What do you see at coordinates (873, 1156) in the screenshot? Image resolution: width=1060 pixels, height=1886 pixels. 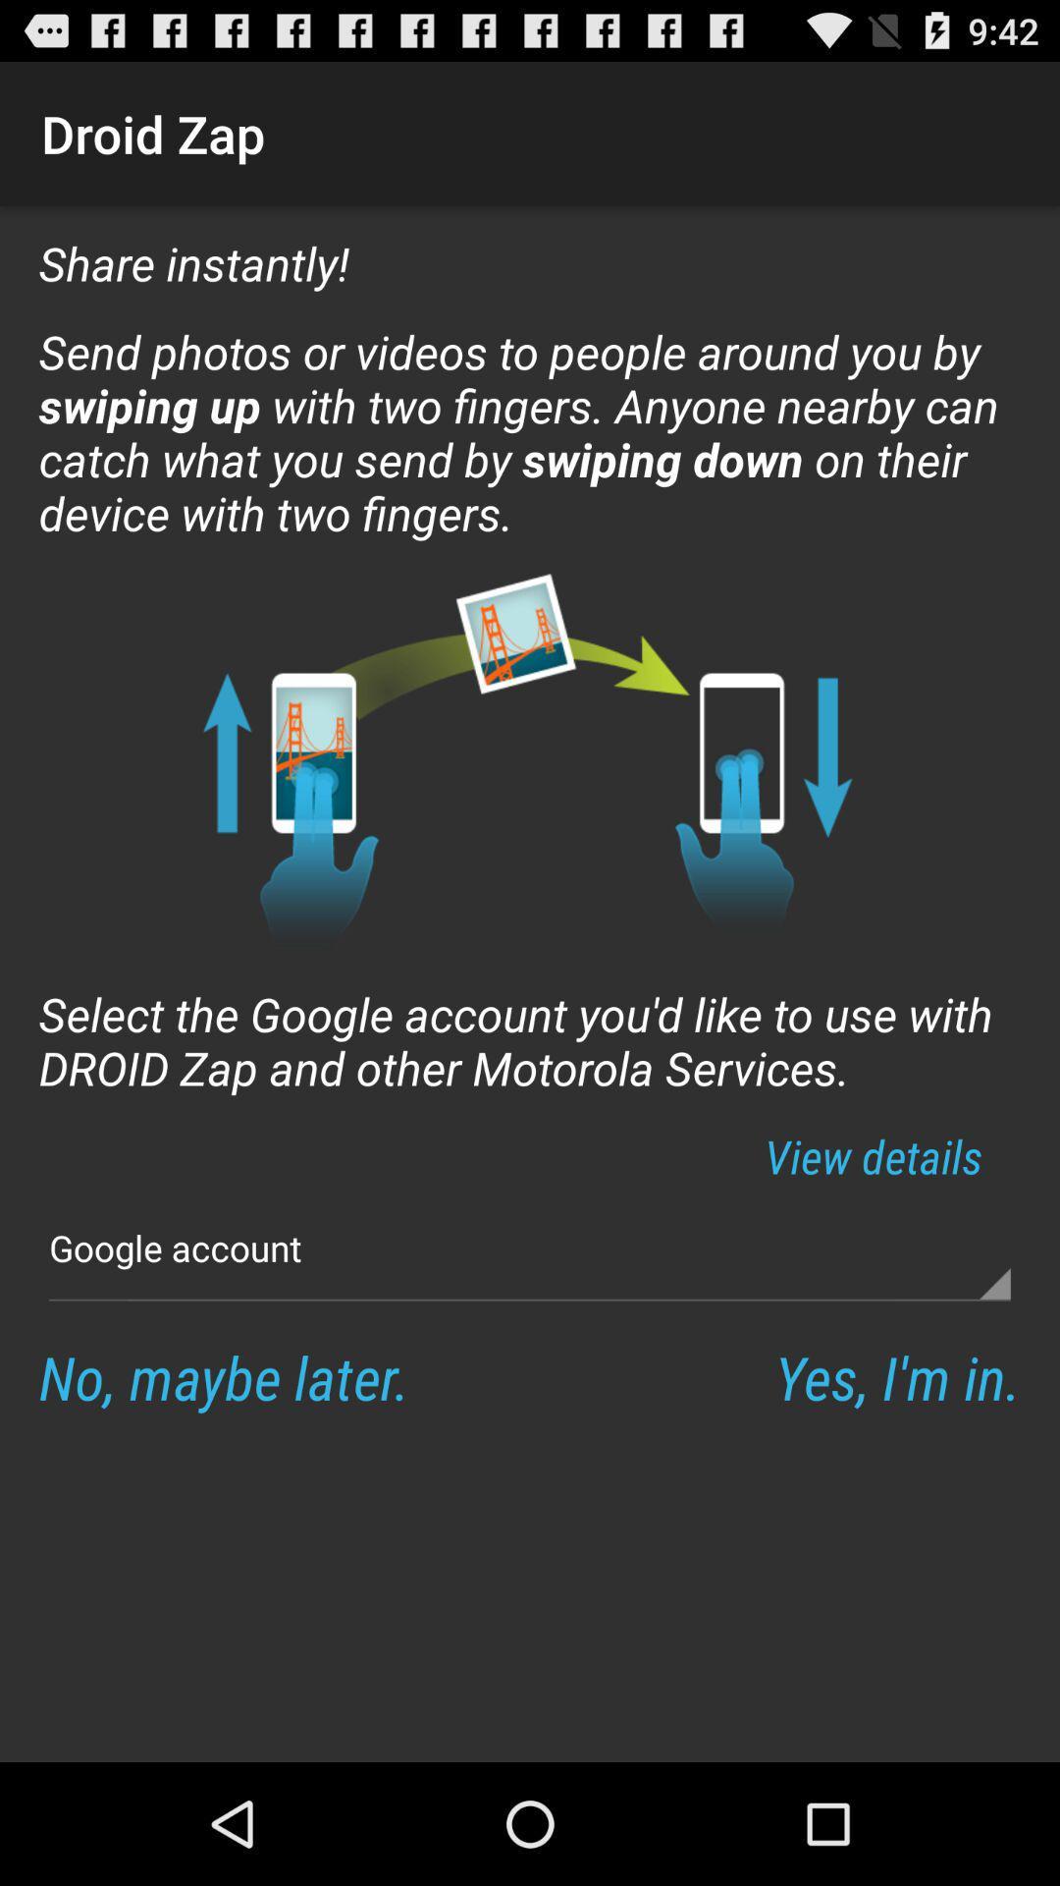 I see `item above google account icon` at bounding box center [873, 1156].